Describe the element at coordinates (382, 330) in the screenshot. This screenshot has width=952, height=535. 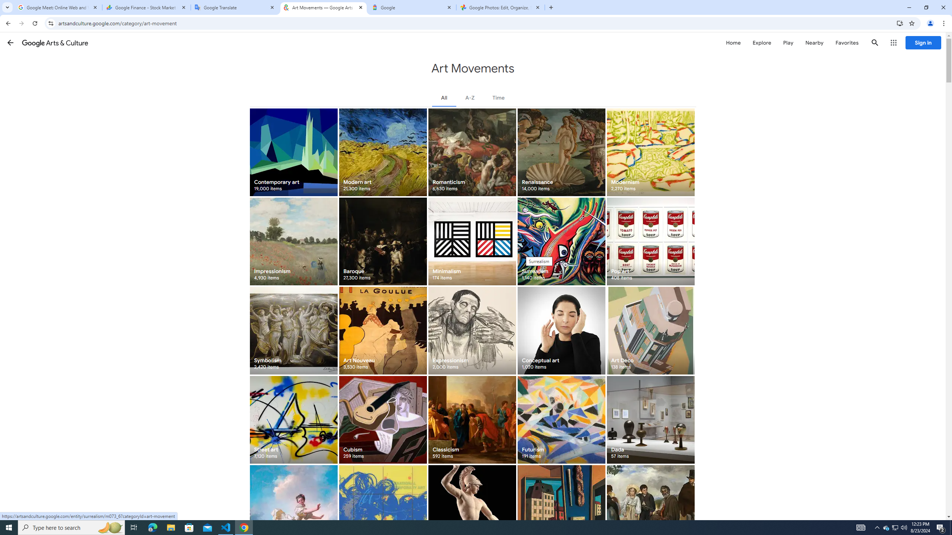
I see `'Art Nouveau 3,530 items'` at that location.